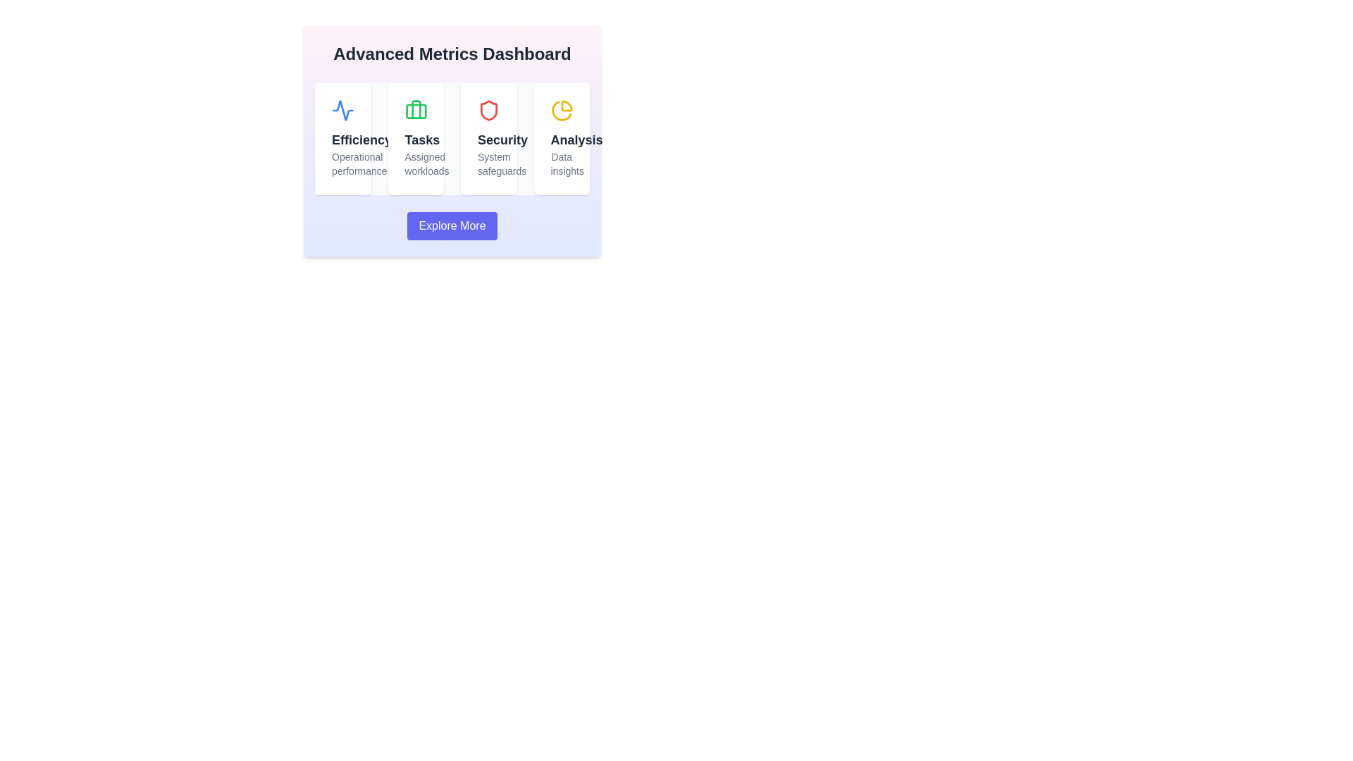 The image size is (1353, 761). Describe the element at coordinates (489, 110) in the screenshot. I see `the third icon in the dashboard that symbolizes 'Security' for accessibility purposes` at that location.